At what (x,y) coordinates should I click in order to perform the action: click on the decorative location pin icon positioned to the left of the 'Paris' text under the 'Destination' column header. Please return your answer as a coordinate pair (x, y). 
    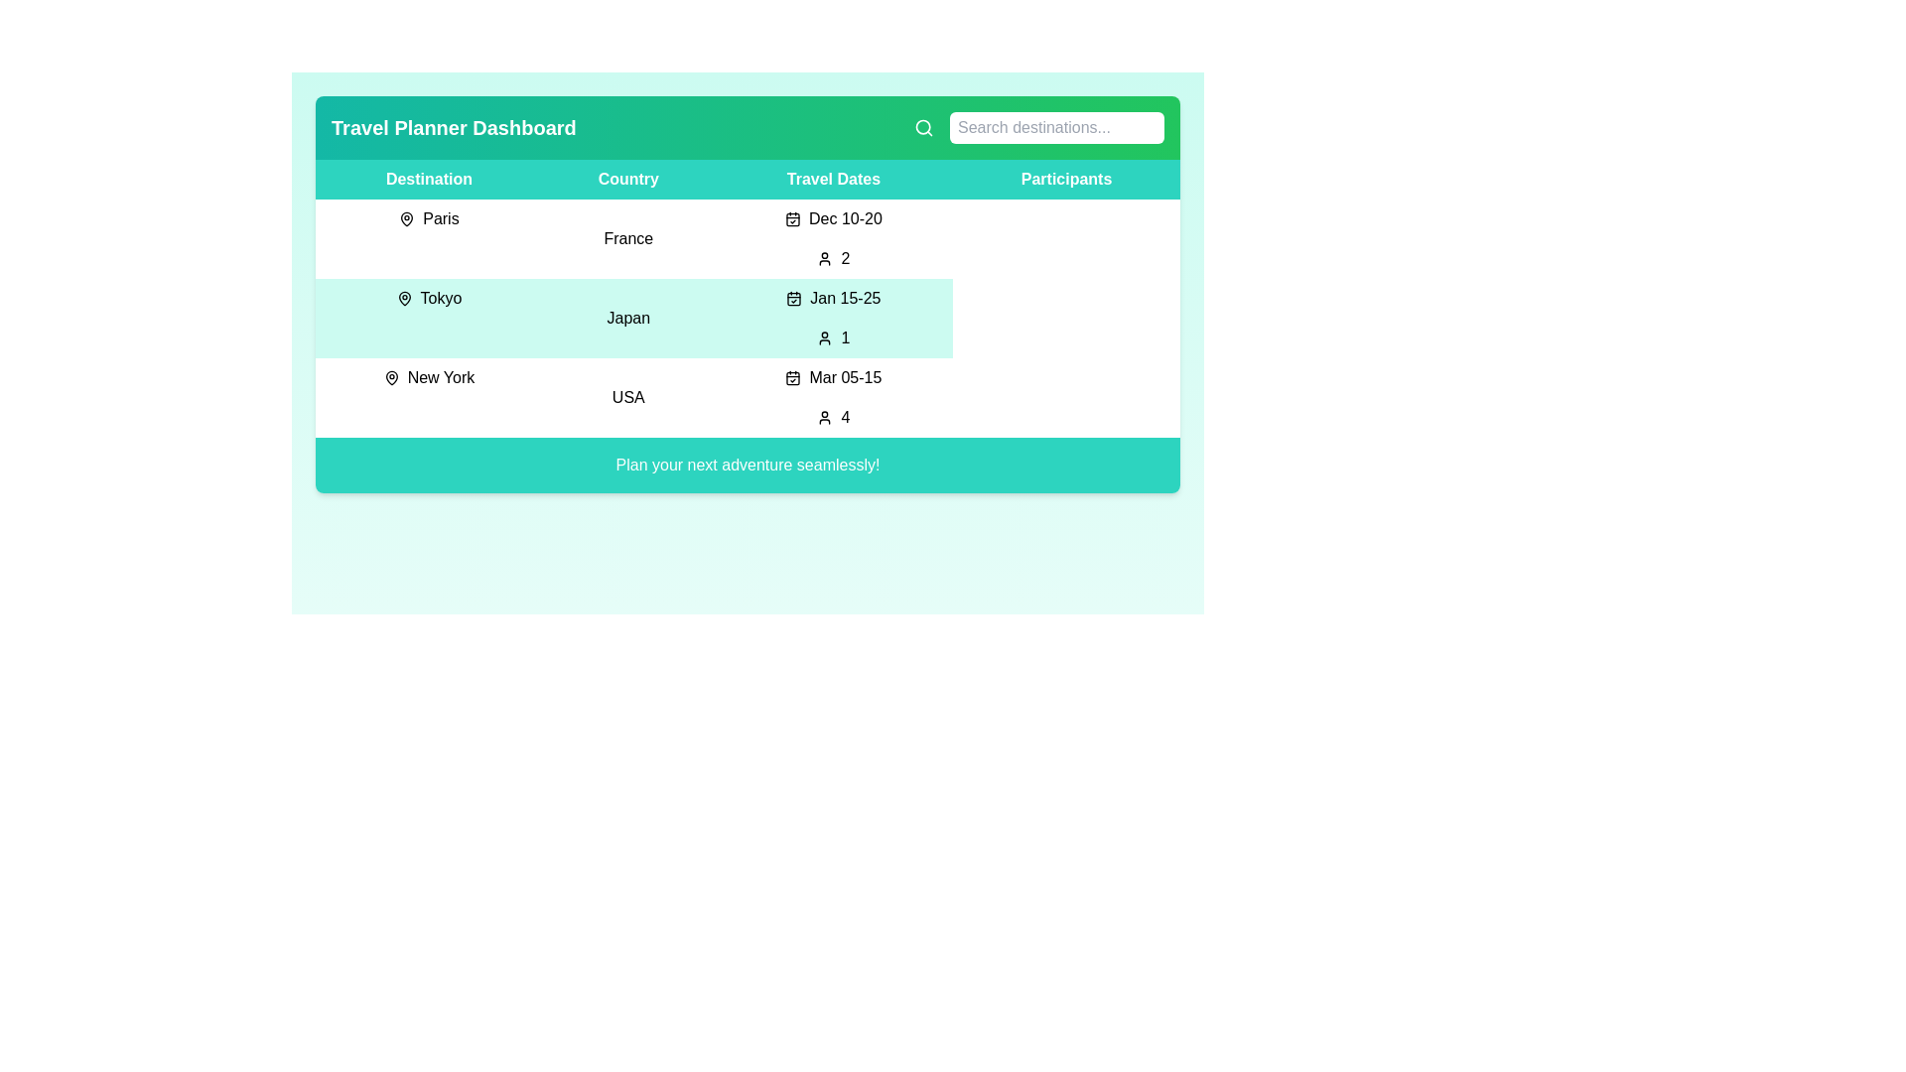
    Looking at the image, I should click on (406, 218).